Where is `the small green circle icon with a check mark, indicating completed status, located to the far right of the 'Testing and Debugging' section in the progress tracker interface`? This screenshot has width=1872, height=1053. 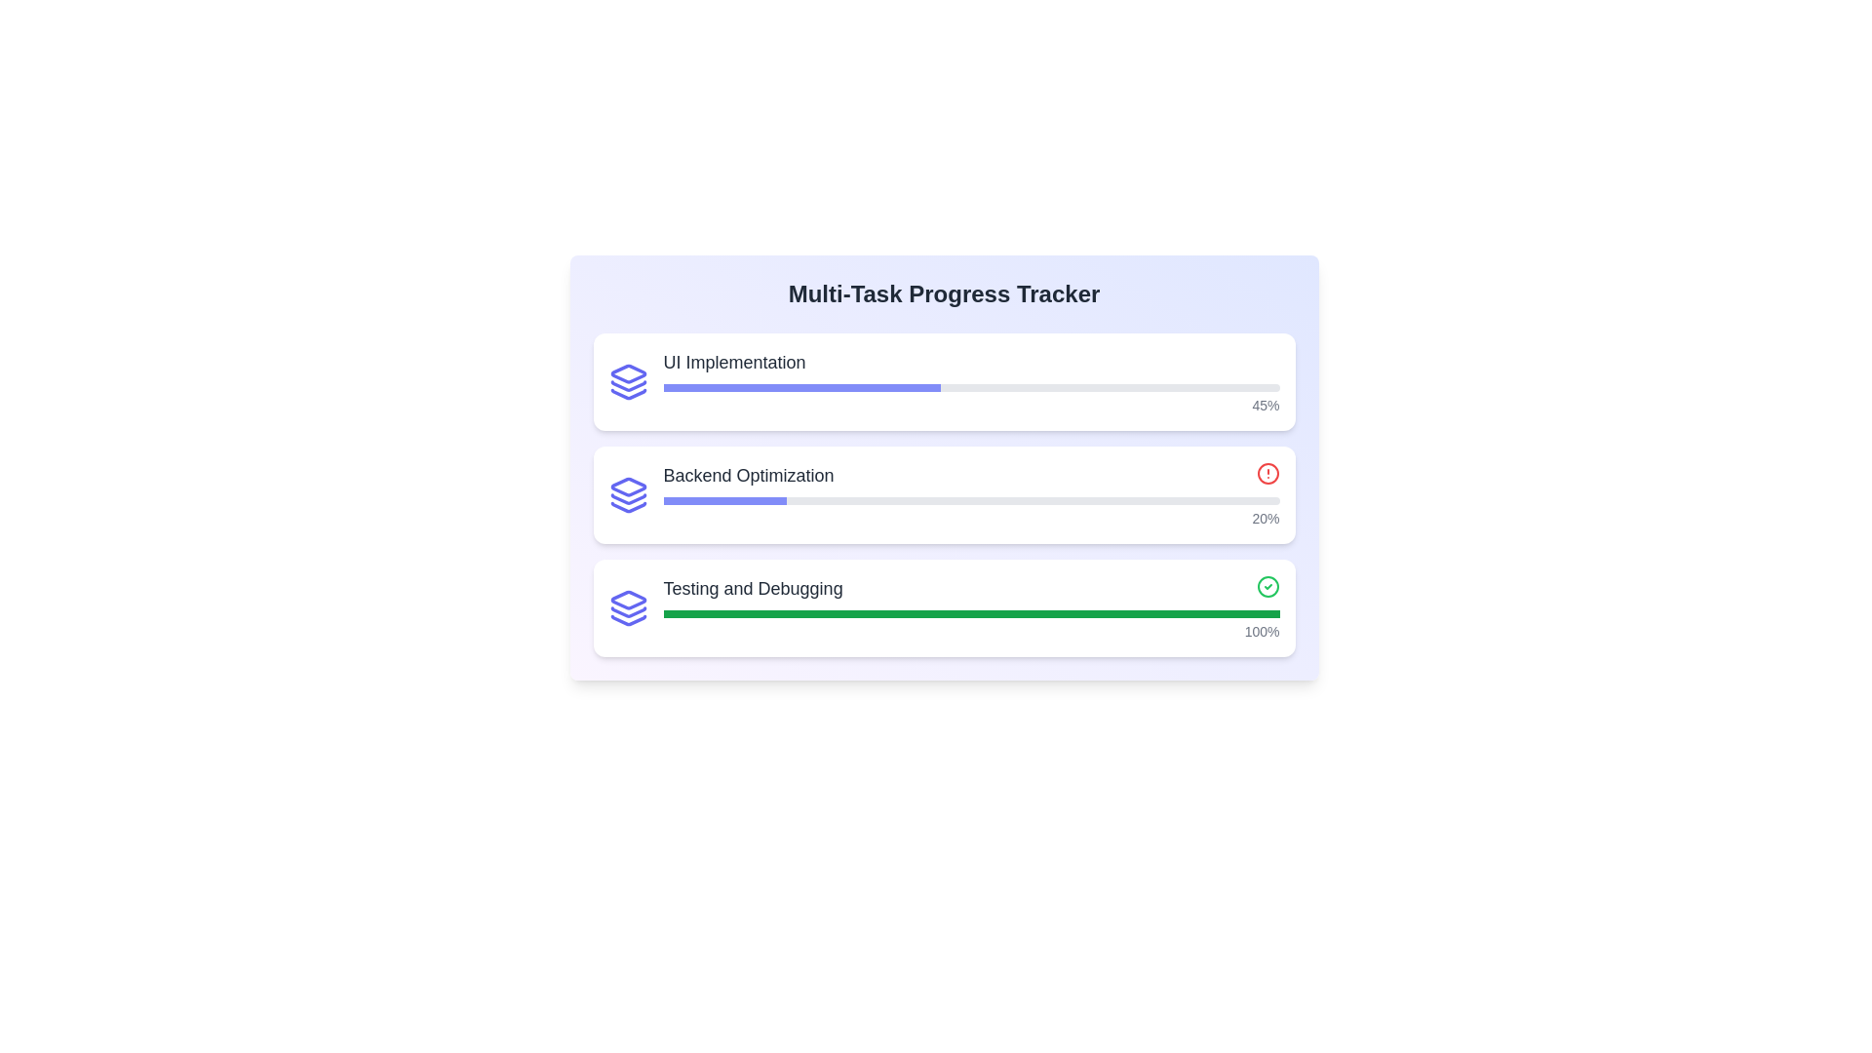 the small green circle icon with a check mark, indicating completed status, located to the far right of the 'Testing and Debugging' section in the progress tracker interface is located at coordinates (1267, 588).